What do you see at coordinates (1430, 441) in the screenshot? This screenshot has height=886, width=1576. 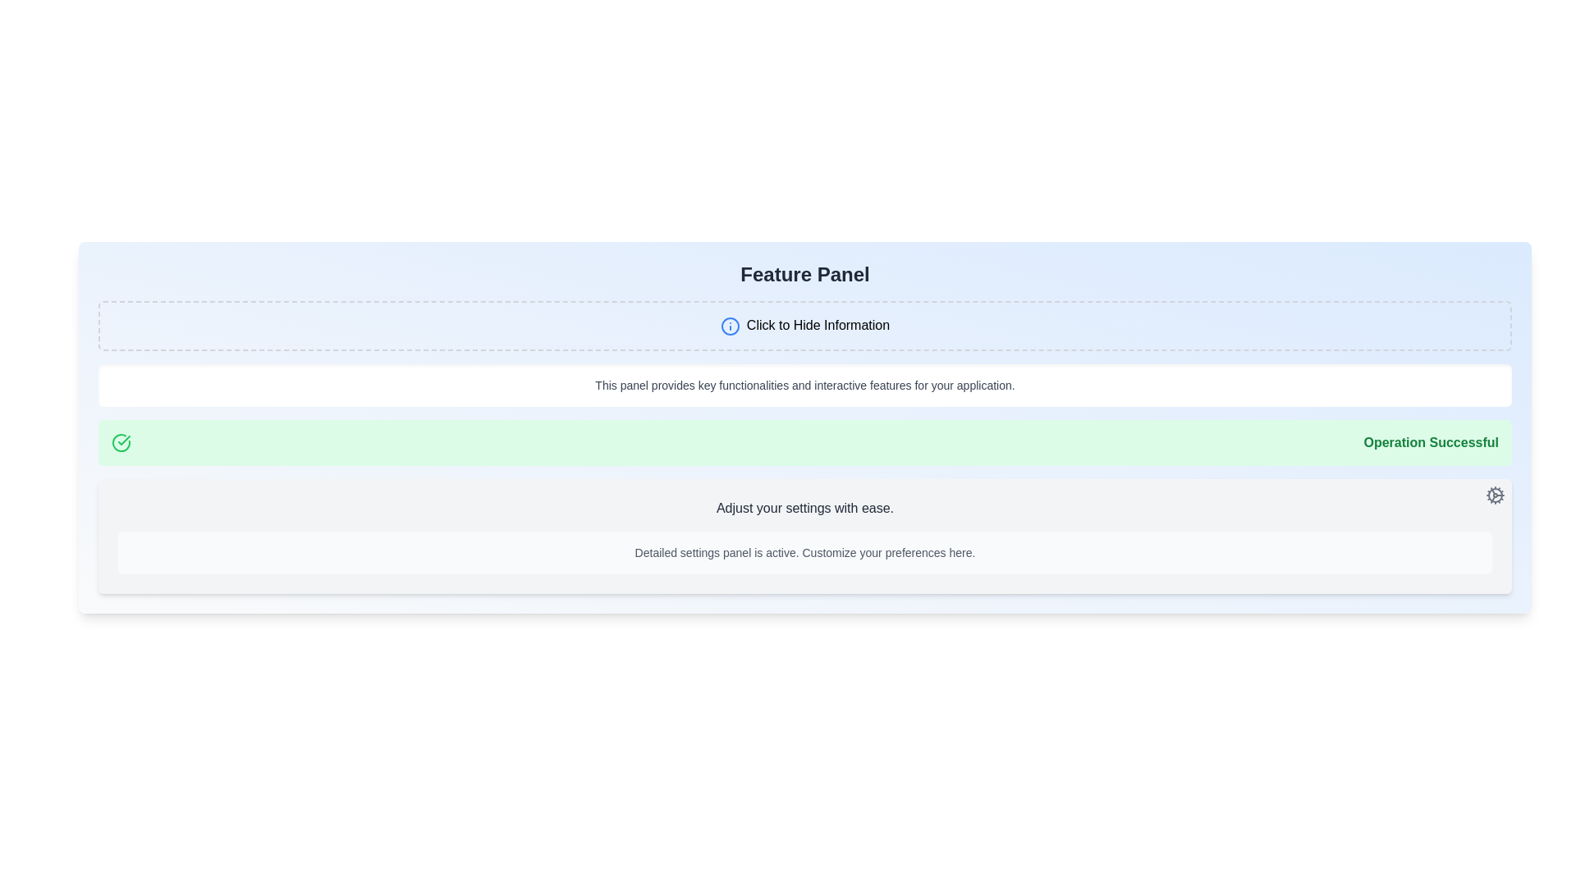 I see `the text label that displays 'Operation Successful', which is styled in bold dark green on a green background, indicating a success message` at bounding box center [1430, 441].